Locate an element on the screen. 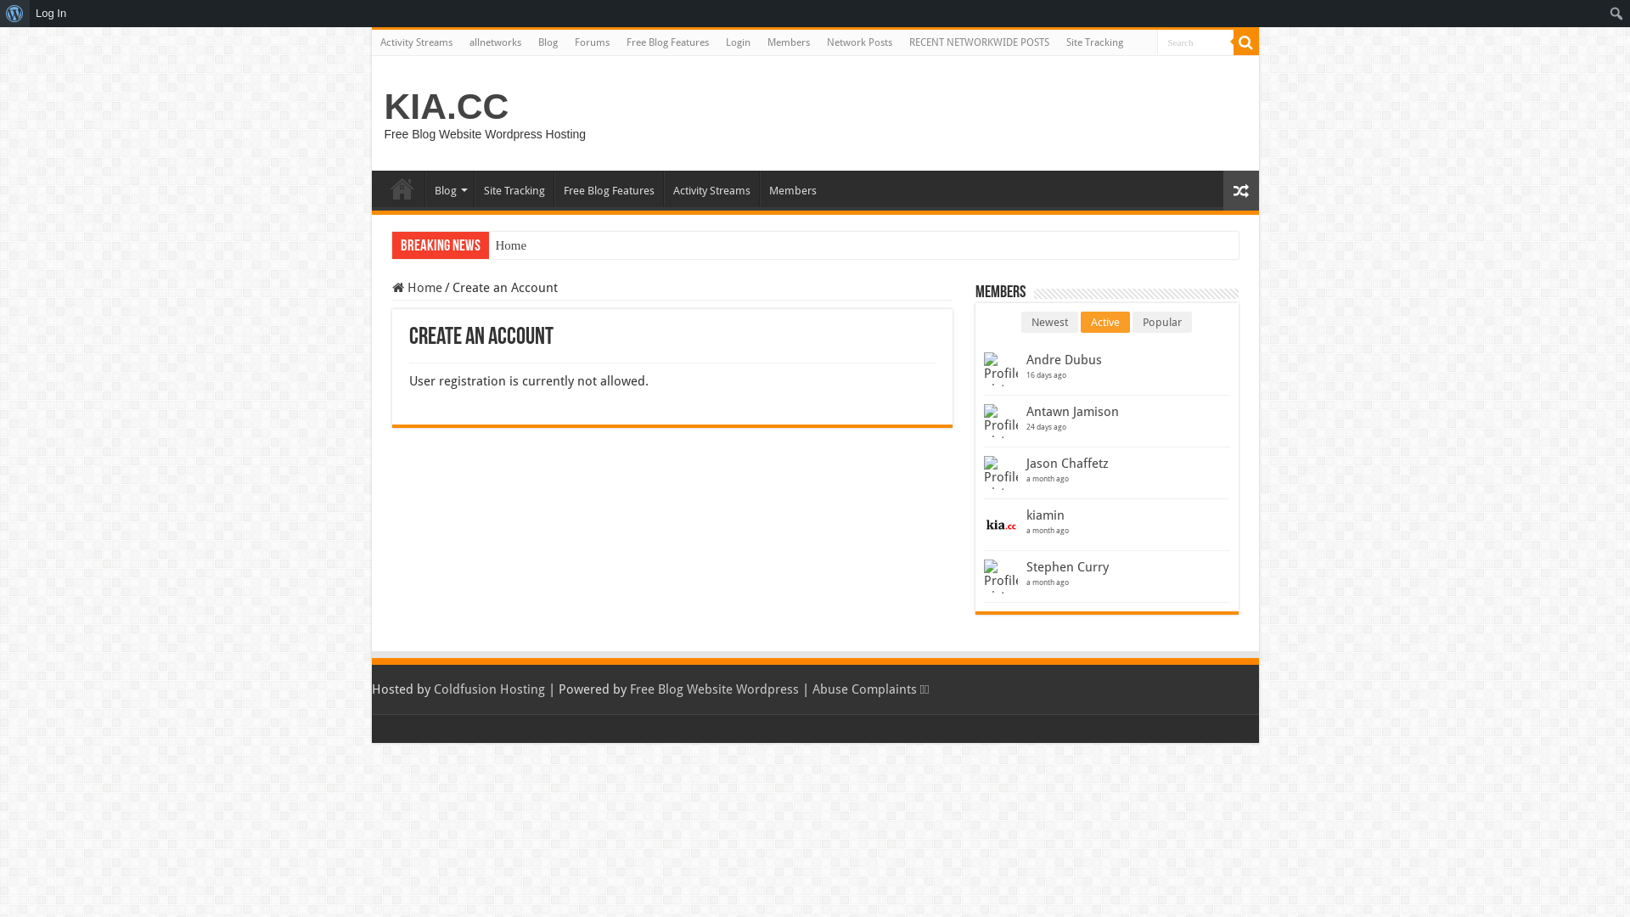  'Network Posts' is located at coordinates (859, 42).